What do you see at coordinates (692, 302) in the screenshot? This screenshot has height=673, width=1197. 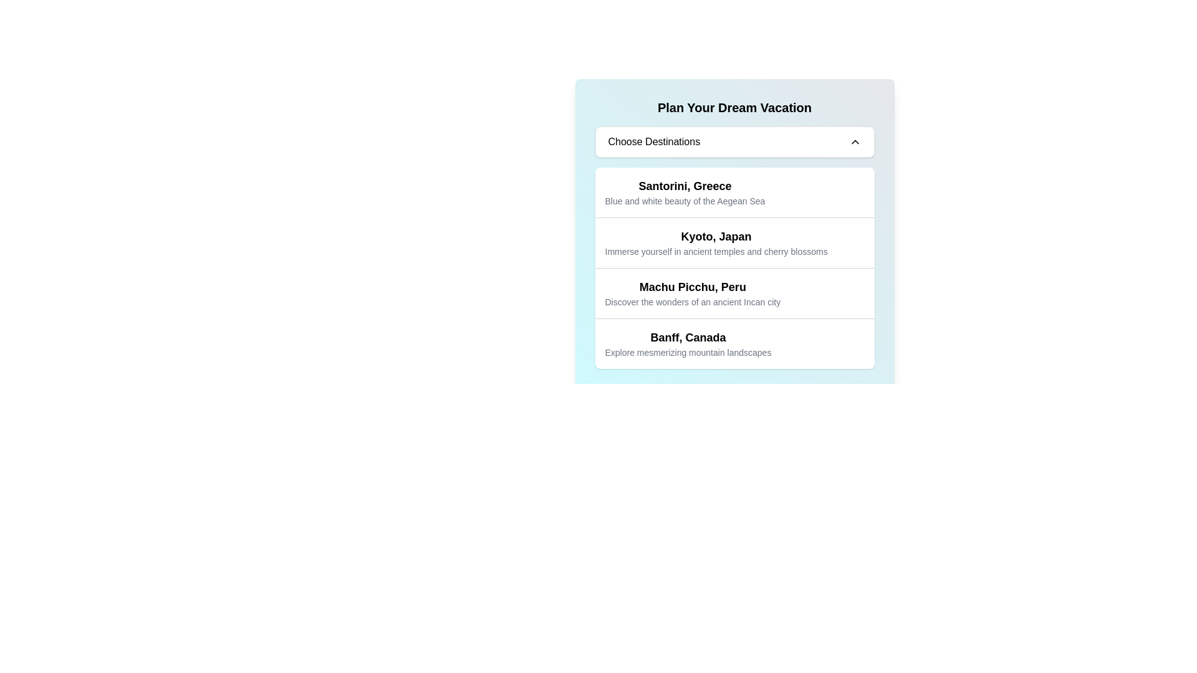 I see `the text block displaying 'Discover the wonders of an ancient Incan city' for copying, which is styled in small, gray sans-serif text and positioned below the main title in the section titled 'Machu Picchu, Peru'` at bounding box center [692, 302].